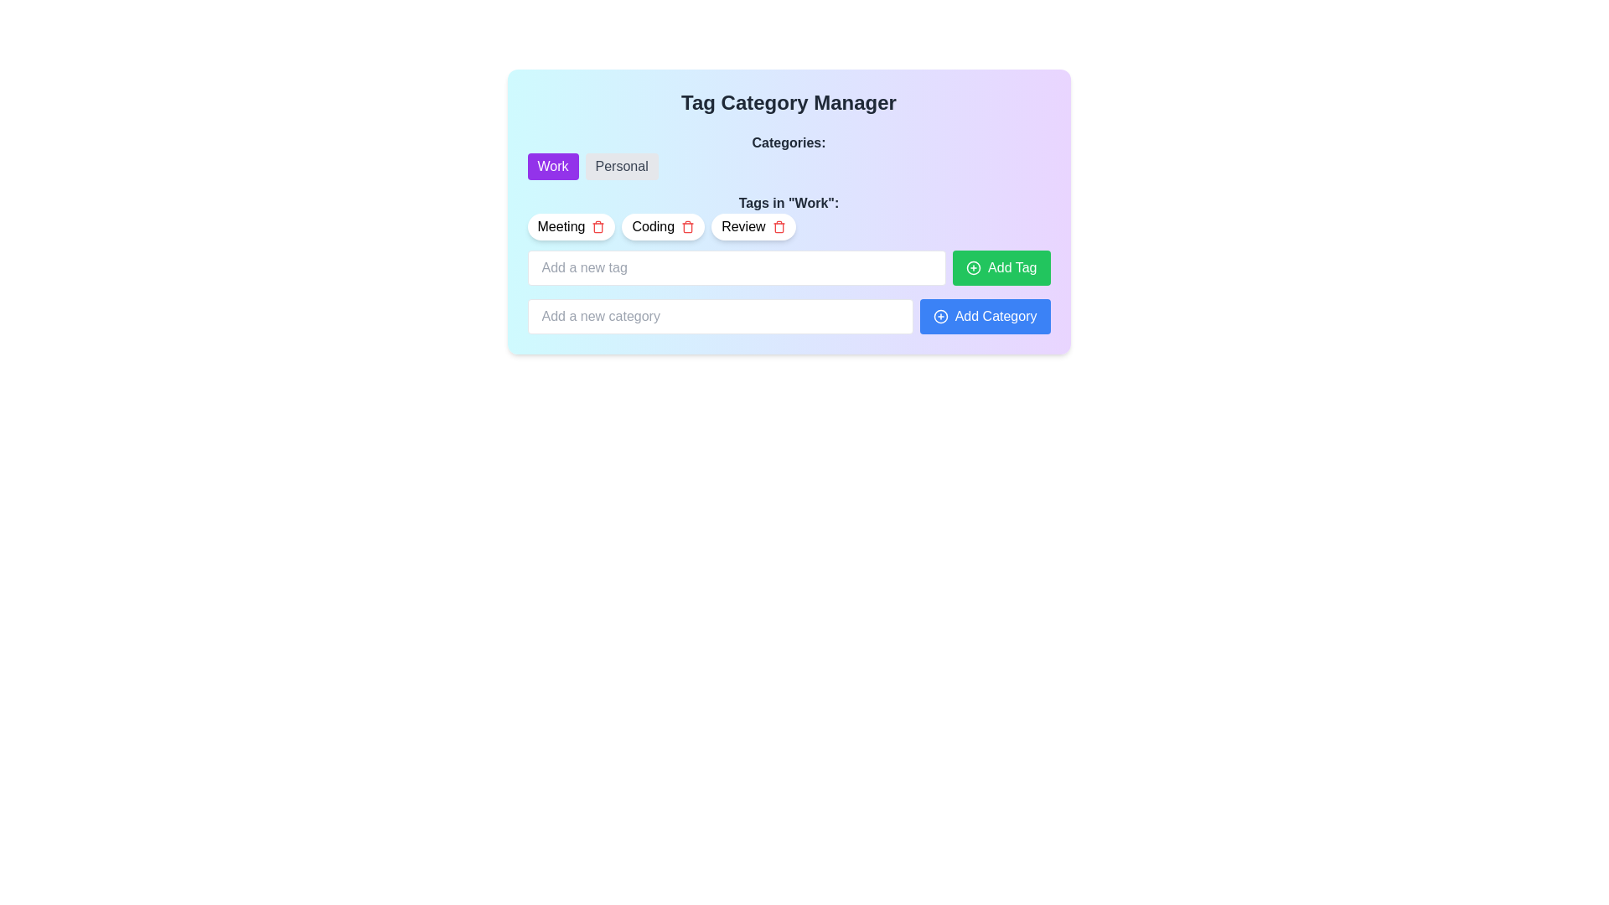 This screenshot has height=905, width=1609. Describe the element at coordinates (621, 167) in the screenshot. I see `the 'Personal' button with a light gray background and rounded corners` at that location.